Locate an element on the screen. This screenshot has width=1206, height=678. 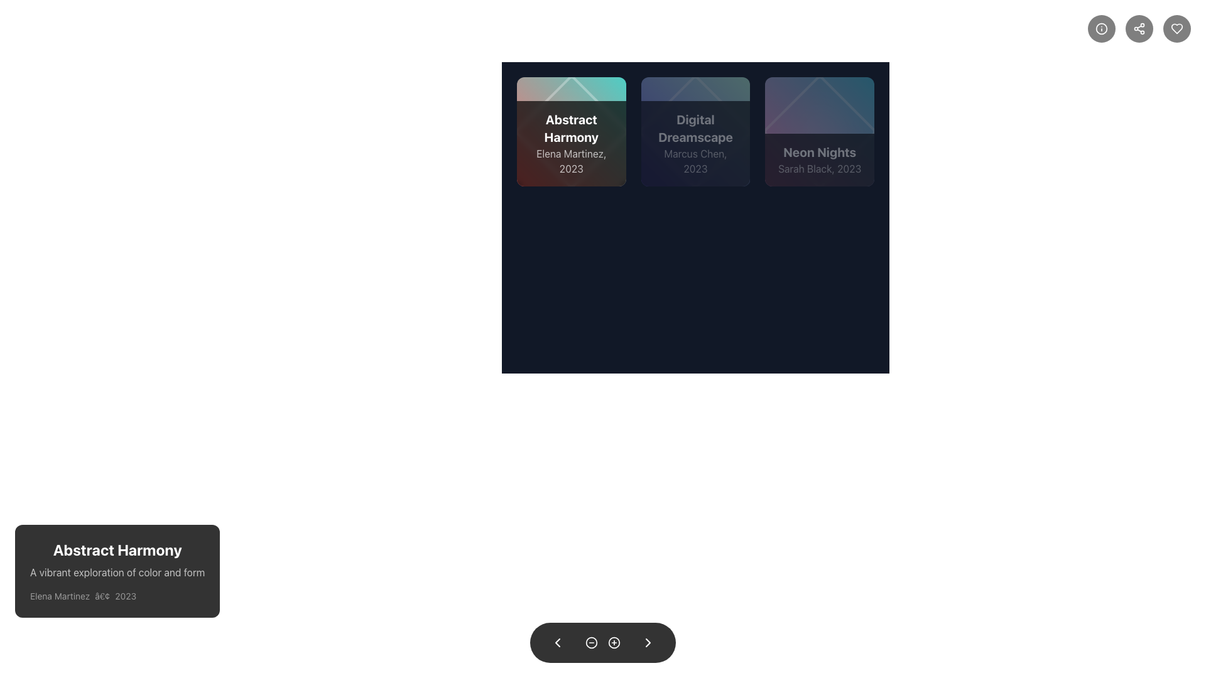
the 'previous item' button located at the bottom center of the interface is located at coordinates (557, 642).